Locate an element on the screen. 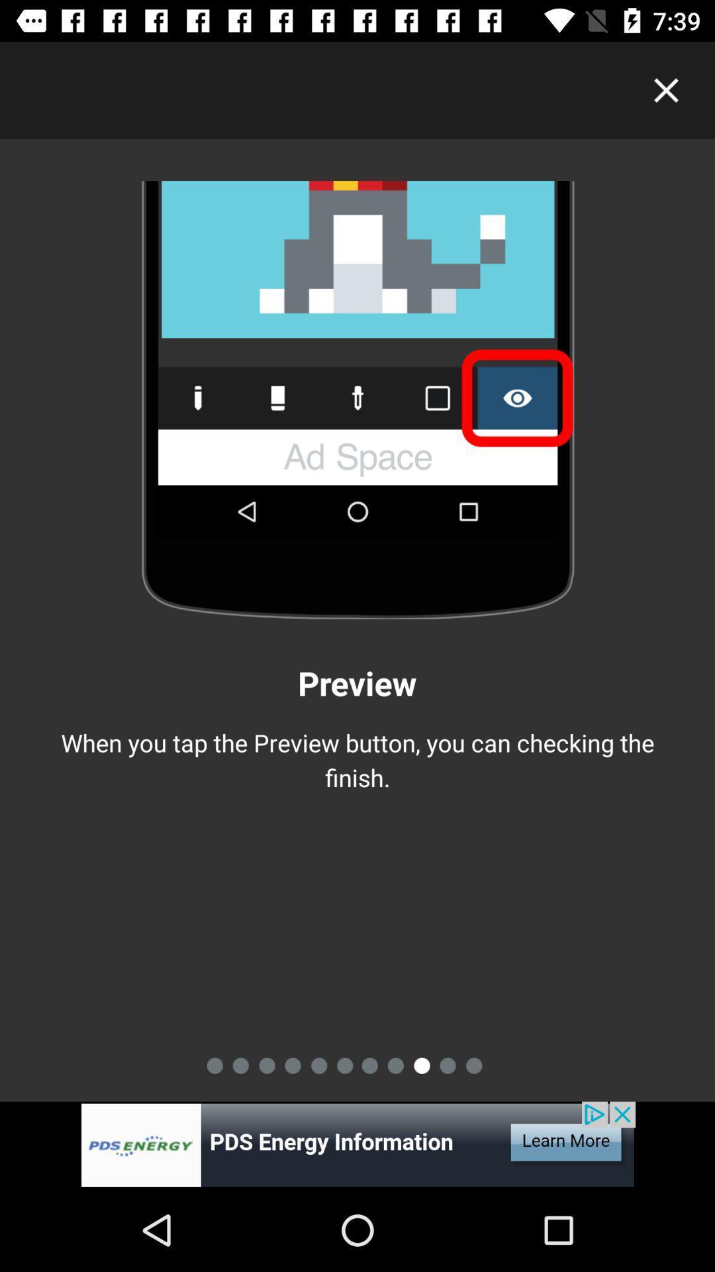 This screenshot has height=1272, width=715. option is located at coordinates (666, 89).